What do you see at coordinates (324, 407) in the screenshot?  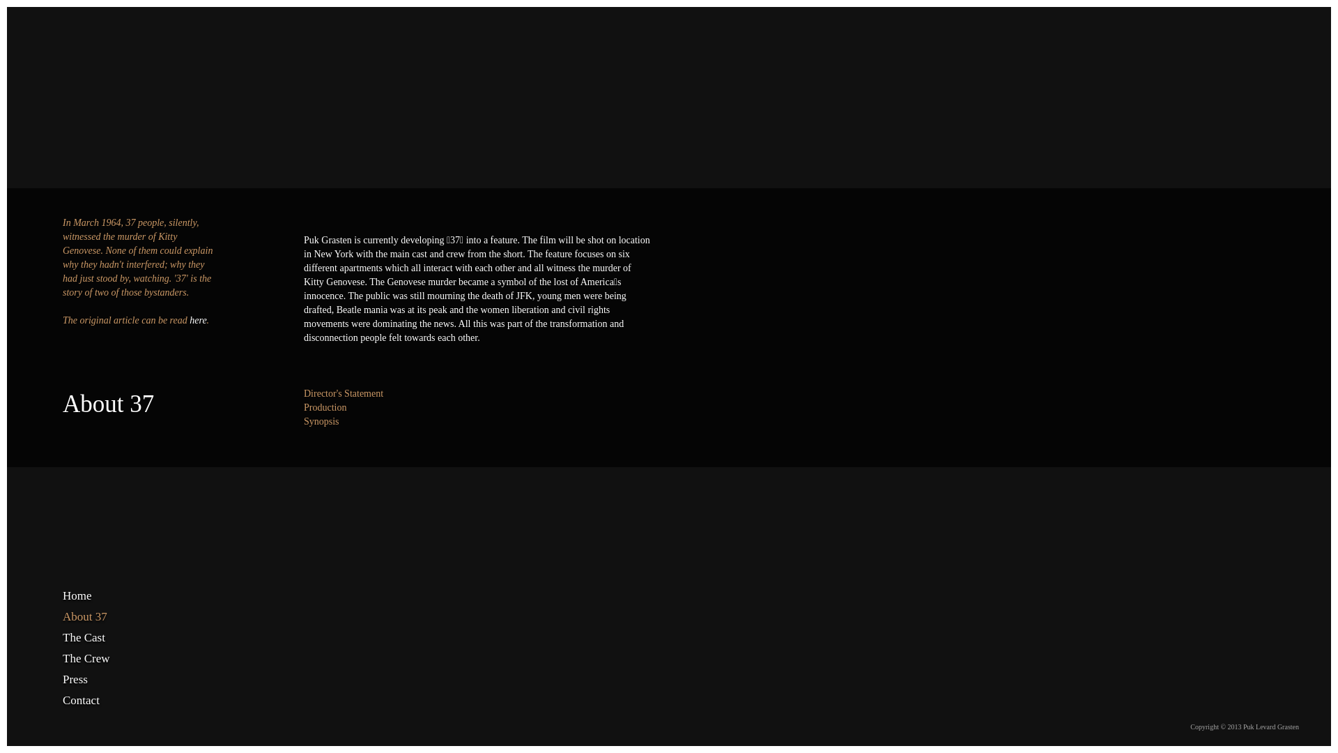 I see `'Production'` at bounding box center [324, 407].